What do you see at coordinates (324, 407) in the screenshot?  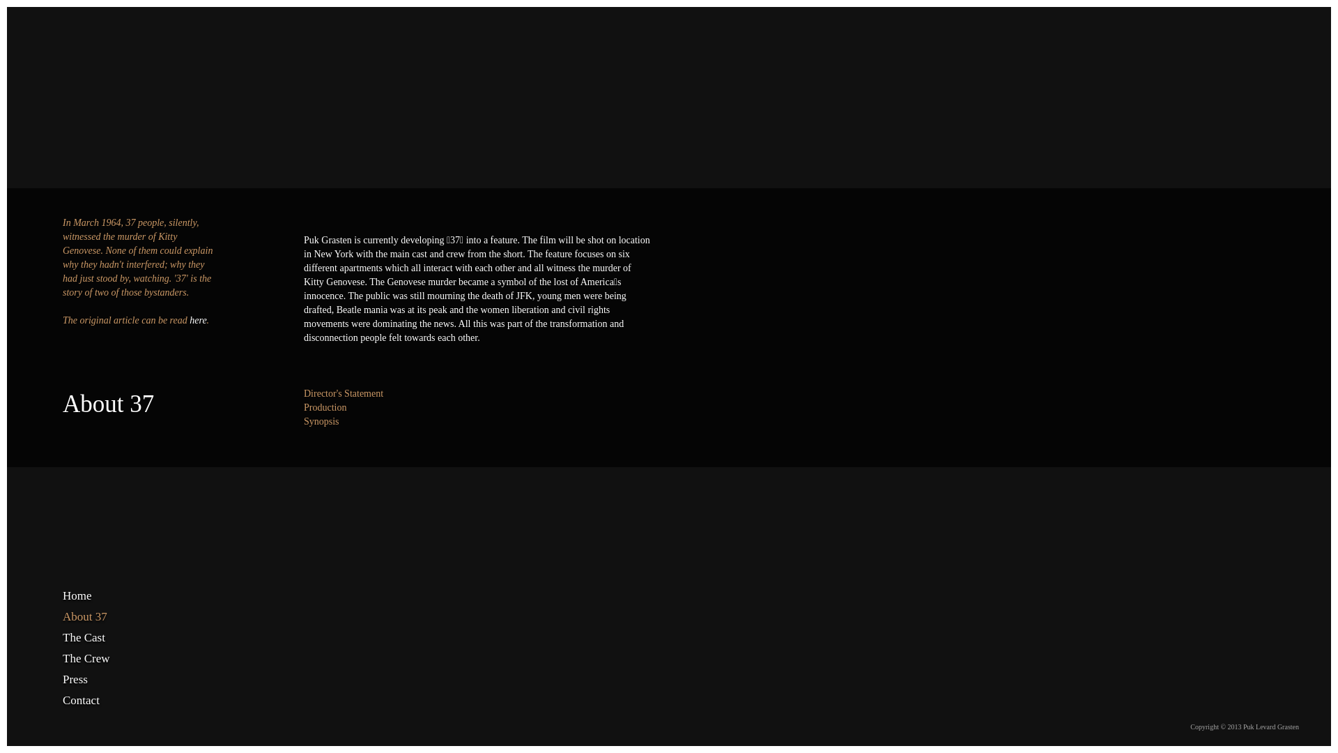 I see `'Production'` at bounding box center [324, 407].